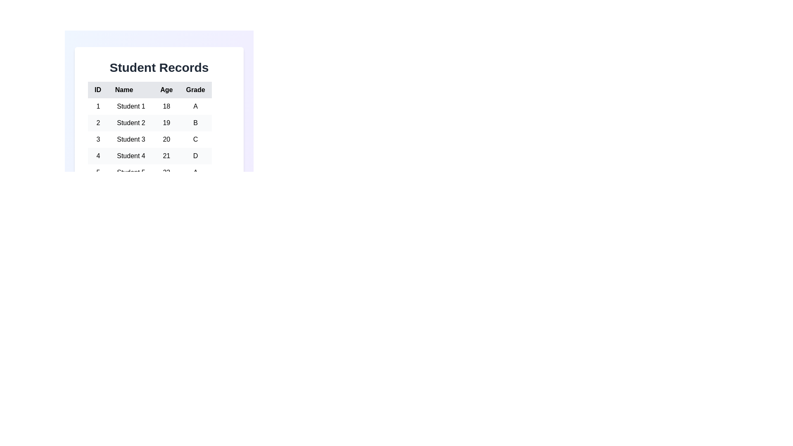  What do you see at coordinates (150, 106) in the screenshot?
I see `the row corresponding to 1` at bounding box center [150, 106].